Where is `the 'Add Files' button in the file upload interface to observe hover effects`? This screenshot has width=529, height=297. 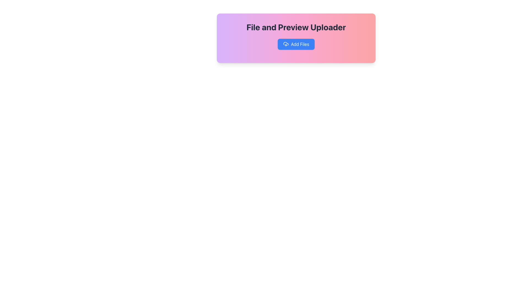 the 'Add Files' button in the file upload interface to observe hover effects is located at coordinates (296, 38).